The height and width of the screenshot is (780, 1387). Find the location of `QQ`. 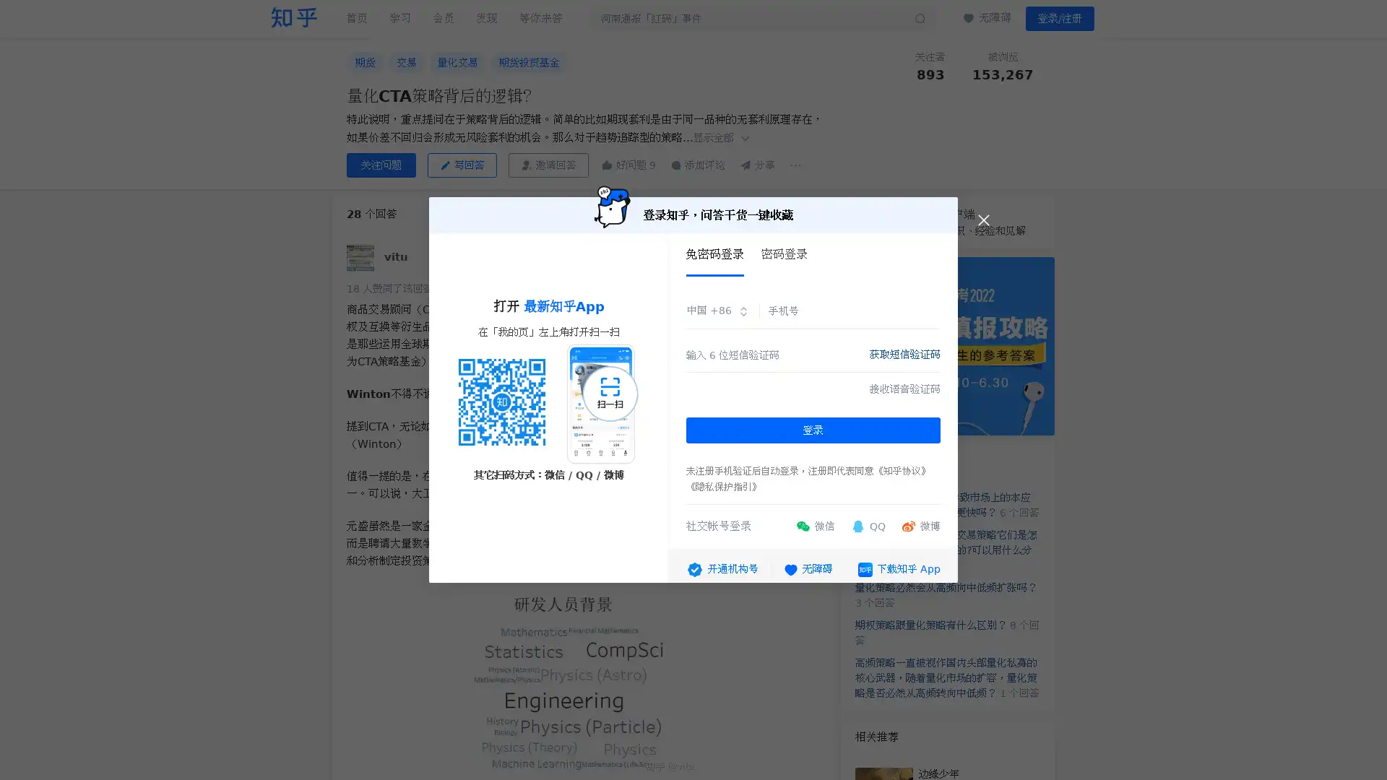

QQ is located at coordinates (867, 521).